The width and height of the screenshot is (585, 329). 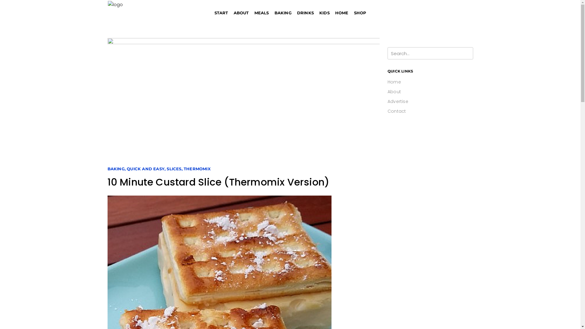 What do you see at coordinates (387, 91) in the screenshot?
I see `'About'` at bounding box center [387, 91].